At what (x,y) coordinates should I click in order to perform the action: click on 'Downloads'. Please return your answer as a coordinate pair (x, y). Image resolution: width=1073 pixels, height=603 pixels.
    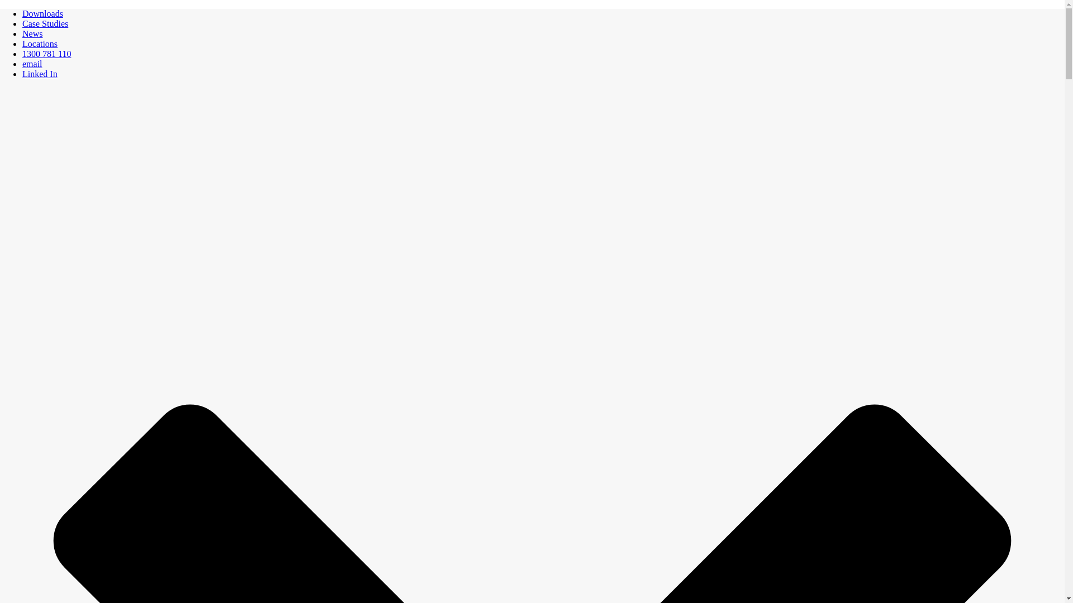
    Looking at the image, I should click on (42, 13).